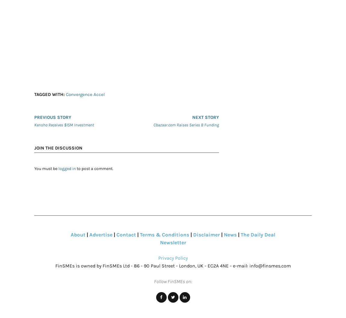 The height and width of the screenshot is (318, 346). Describe the element at coordinates (85, 94) in the screenshot. I see `'Convergence Accel'` at that location.